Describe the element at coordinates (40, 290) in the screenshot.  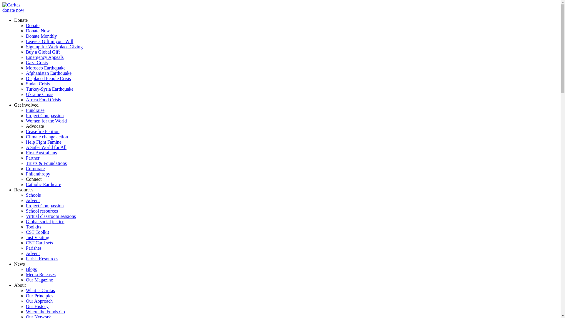
I see `'What is Caritas'` at that location.